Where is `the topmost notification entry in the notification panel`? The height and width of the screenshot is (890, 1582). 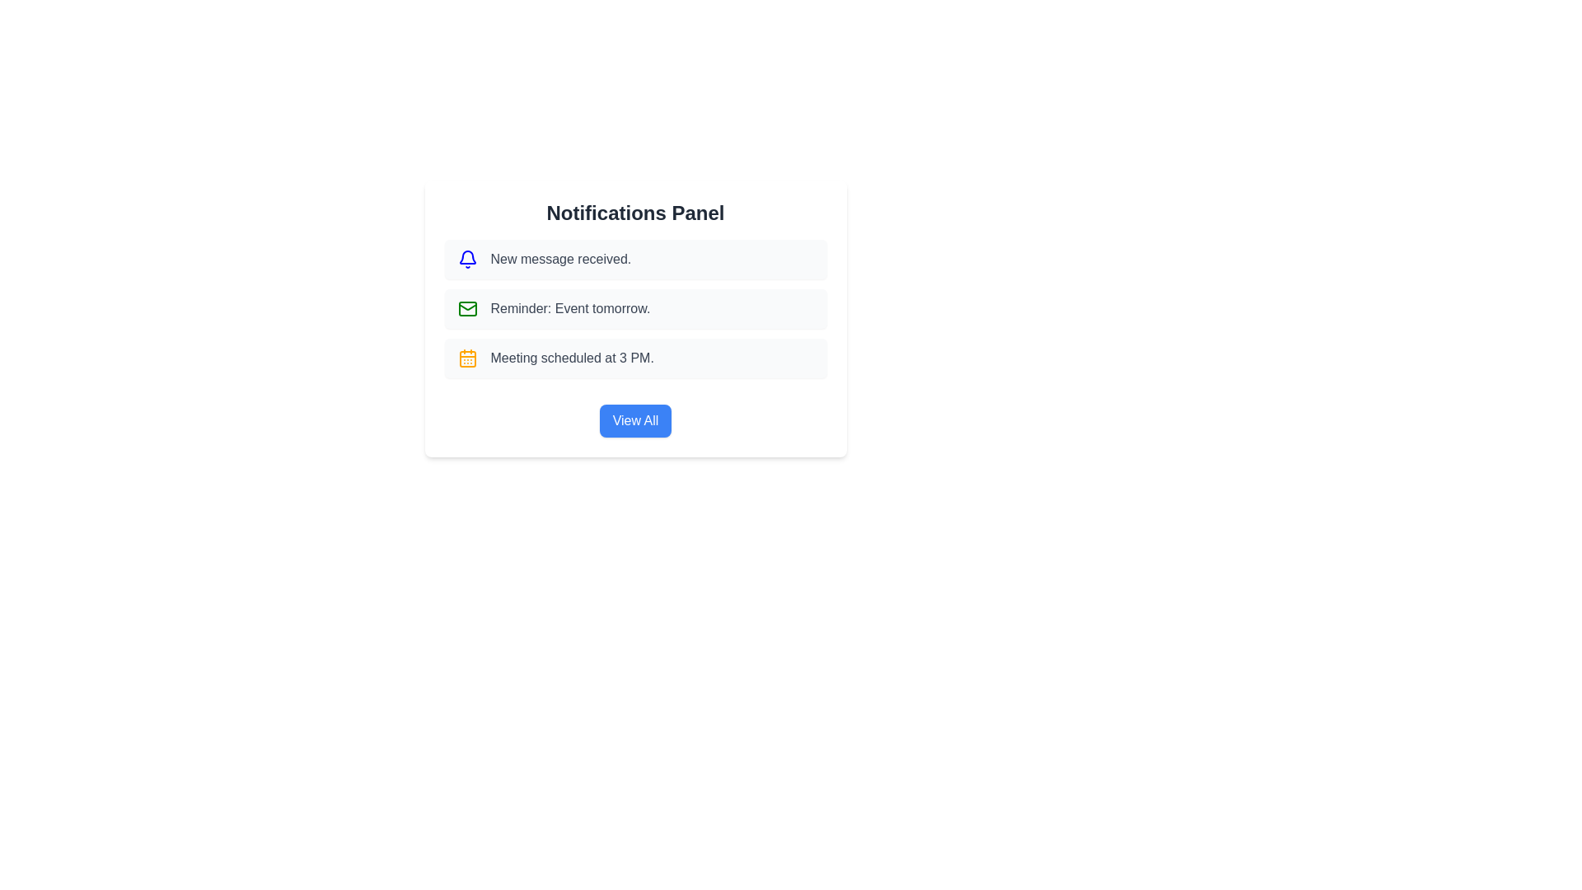
the topmost notification entry in the notification panel is located at coordinates (634, 260).